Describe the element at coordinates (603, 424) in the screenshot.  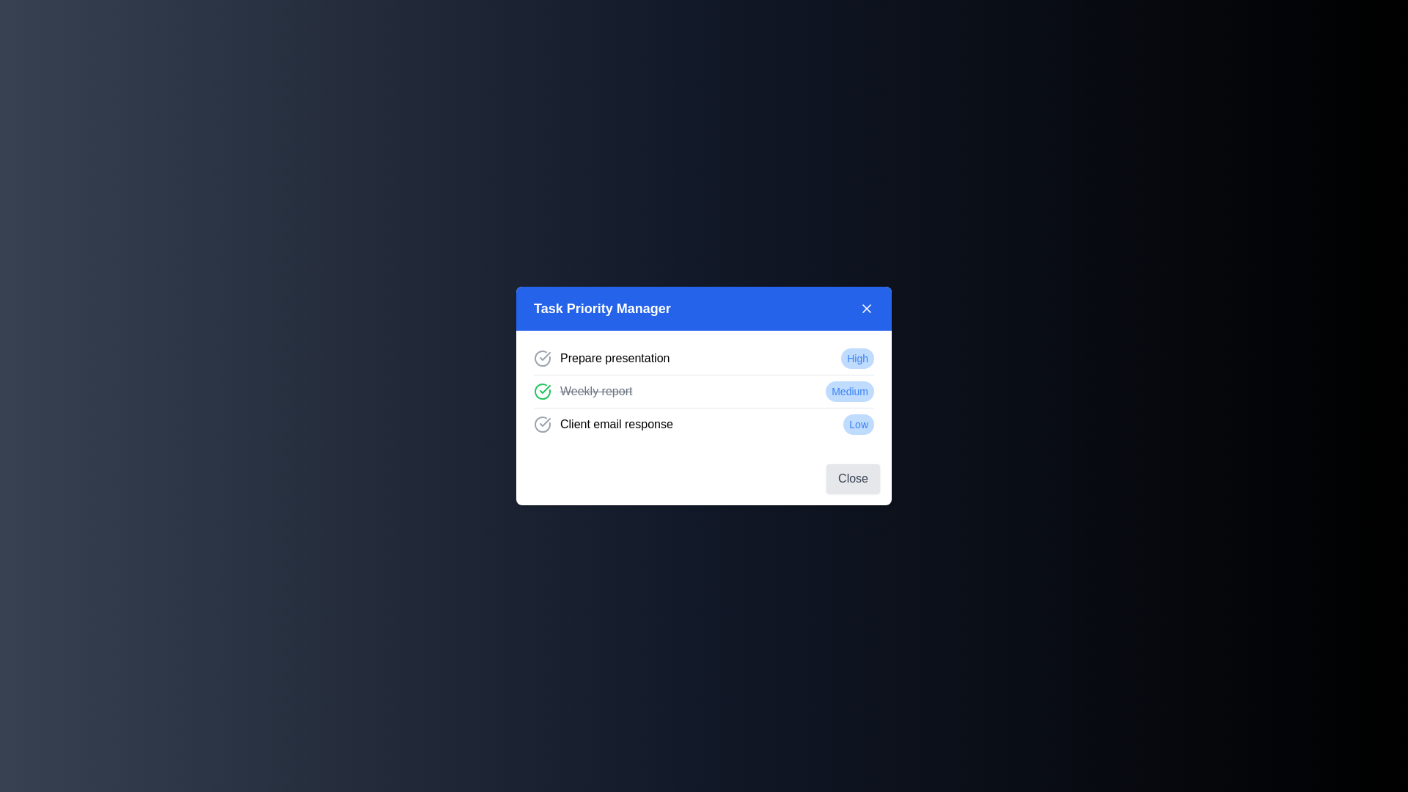
I see `the static text label element displaying 'Client email response' next to a gray circular icon with a checkmark, located in the task list of the modal window` at that location.